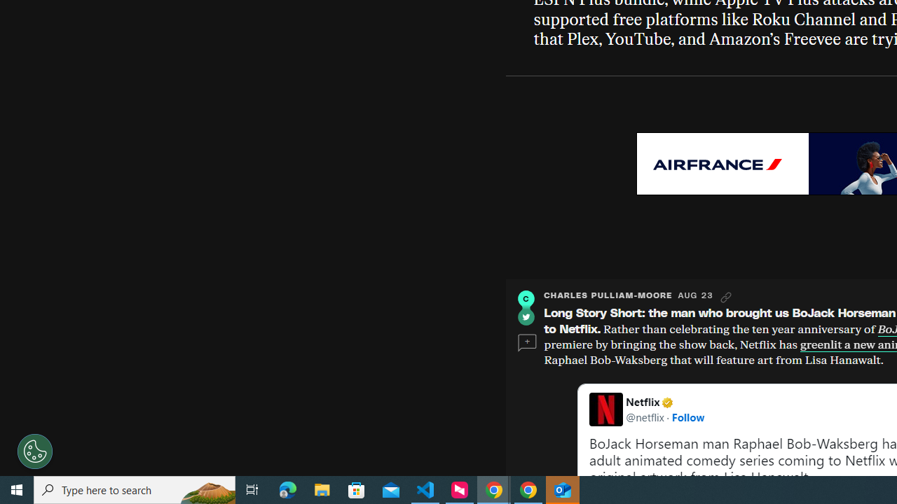 The height and width of the screenshot is (504, 897). I want to click on 'Link', so click(726, 297).